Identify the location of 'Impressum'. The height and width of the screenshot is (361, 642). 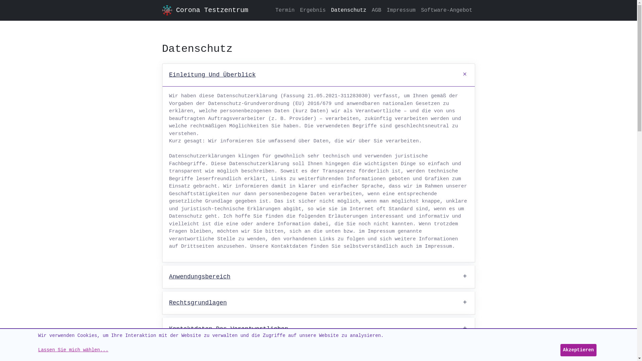
(401, 10).